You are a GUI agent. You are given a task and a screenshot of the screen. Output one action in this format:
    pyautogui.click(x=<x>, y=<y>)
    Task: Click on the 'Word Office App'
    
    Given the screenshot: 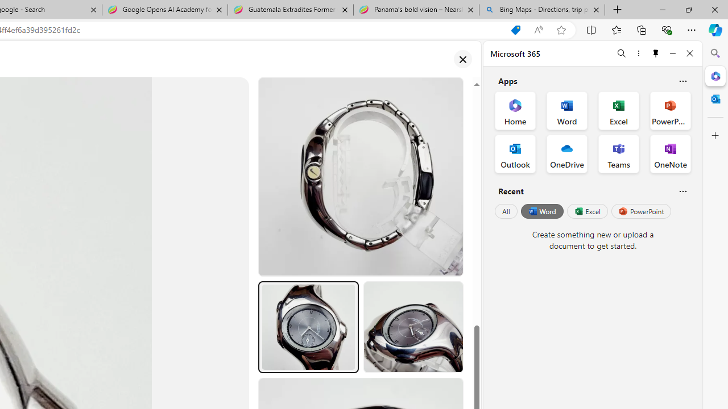 What is the action you would take?
    pyautogui.click(x=567, y=111)
    